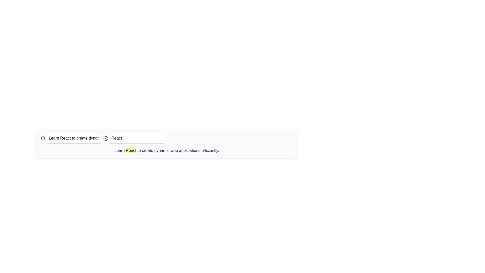 This screenshot has width=485, height=273. Describe the element at coordinates (105, 138) in the screenshot. I see `the icon button that displays a dark gray 'X' mark inside a circular outline` at that location.